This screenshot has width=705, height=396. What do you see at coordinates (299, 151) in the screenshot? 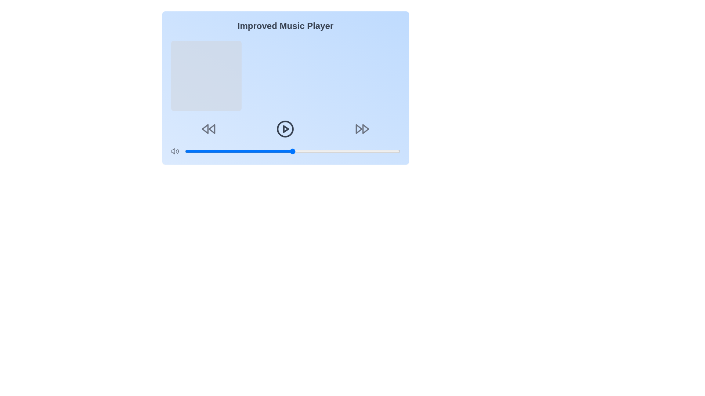
I see `the slider value` at bounding box center [299, 151].